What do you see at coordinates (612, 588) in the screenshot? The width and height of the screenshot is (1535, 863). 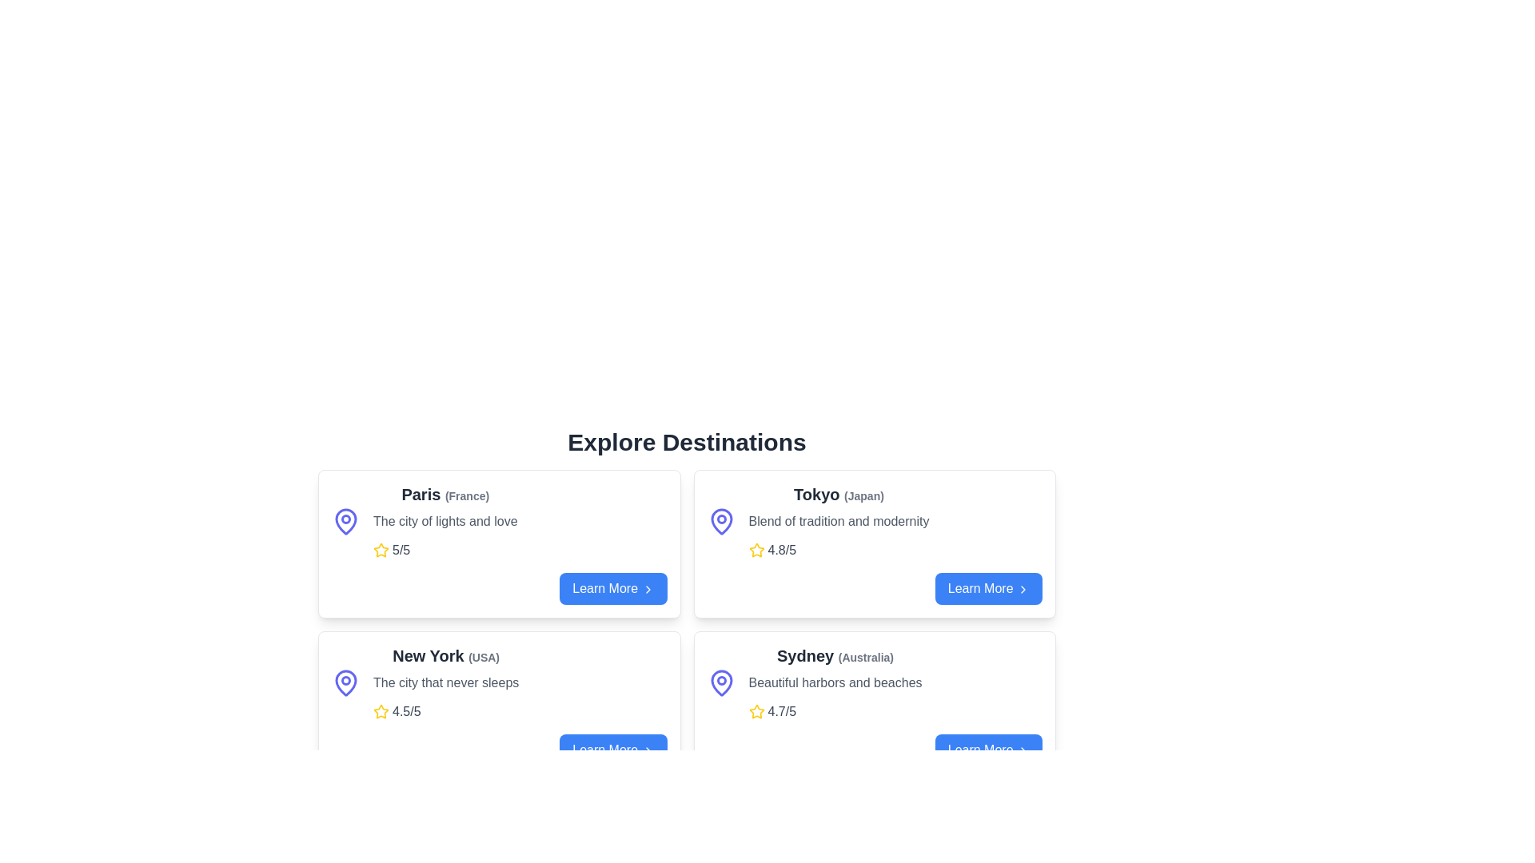 I see `the navigation button located at the bottom-right corner of the second card in the first row of the 2x2 grid` at bounding box center [612, 588].